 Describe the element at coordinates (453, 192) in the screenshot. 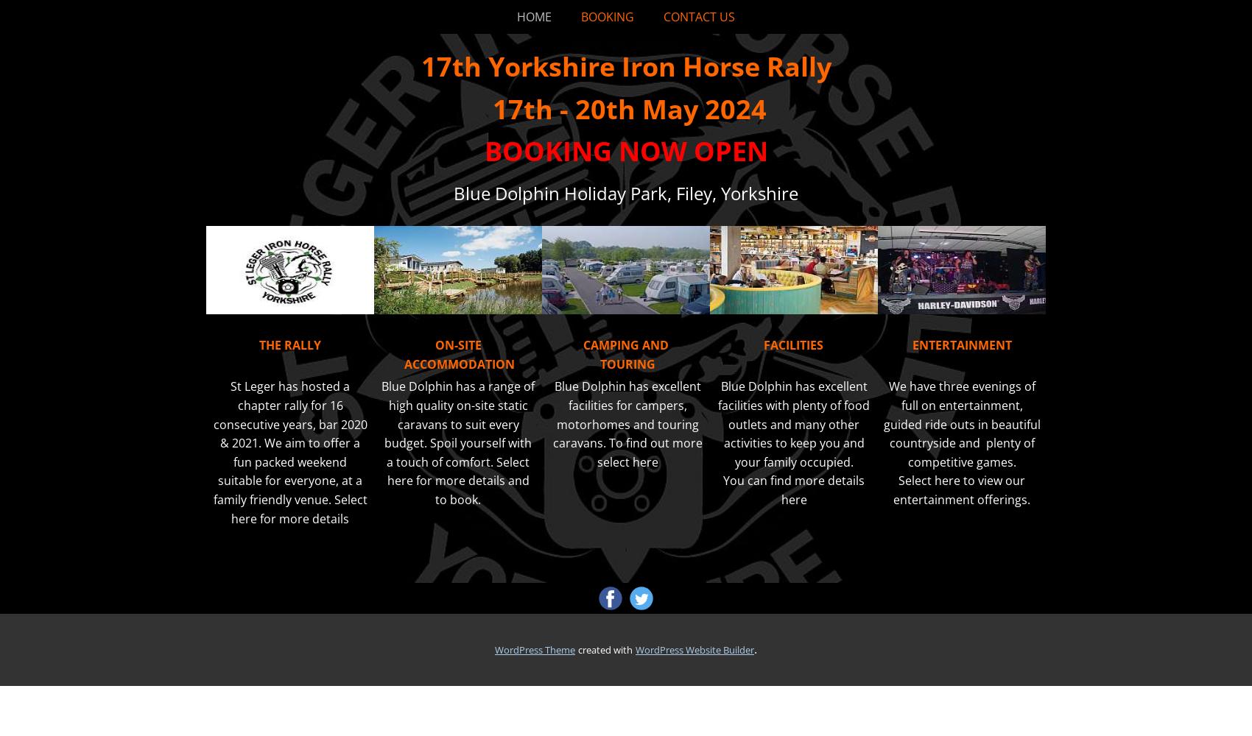

I see `'Blue Dolphin Holiday Park, Filey, Yorkshire'` at that location.